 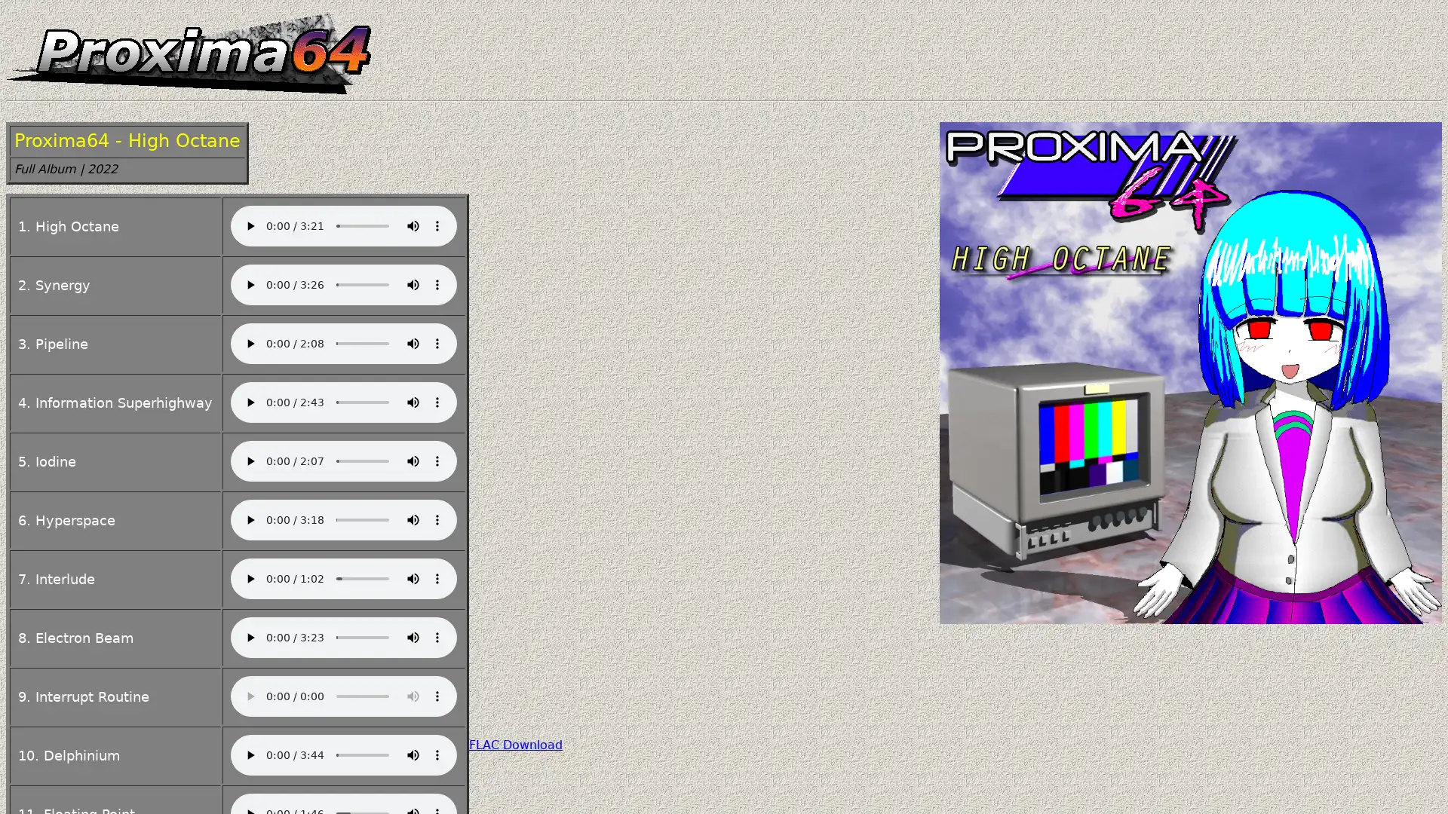 What do you see at coordinates (437, 519) in the screenshot?
I see `show more media controls` at bounding box center [437, 519].